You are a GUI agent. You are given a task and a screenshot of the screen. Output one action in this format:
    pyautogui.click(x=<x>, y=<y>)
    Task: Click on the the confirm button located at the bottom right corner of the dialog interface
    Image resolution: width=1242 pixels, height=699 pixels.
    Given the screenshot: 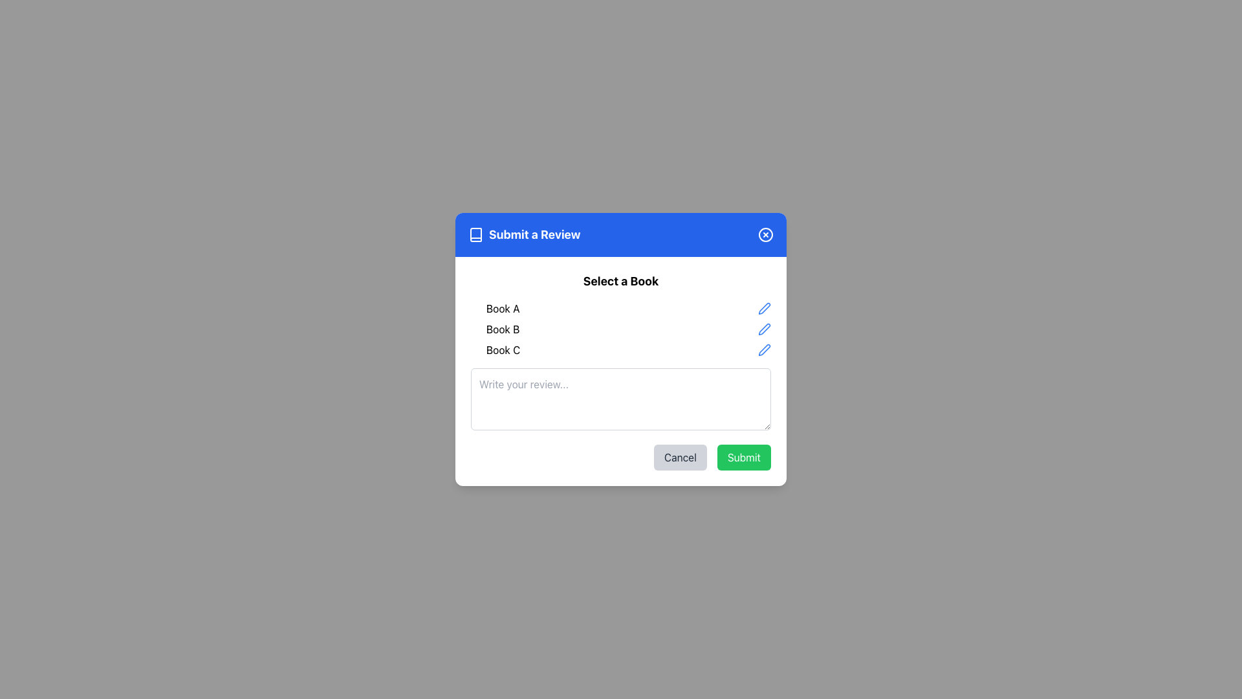 What is the action you would take?
    pyautogui.click(x=744, y=456)
    